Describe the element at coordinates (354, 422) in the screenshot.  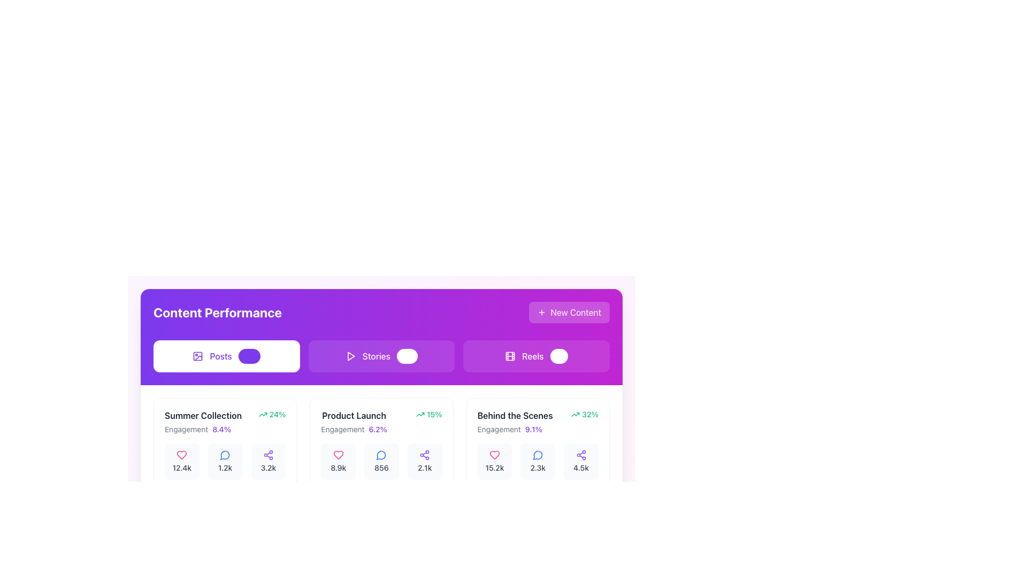
I see `the informational text label providing details about 'Product Launch' with an engagement value of 6.2%, located in the middle card beneath the 'Content Performance' header` at that location.